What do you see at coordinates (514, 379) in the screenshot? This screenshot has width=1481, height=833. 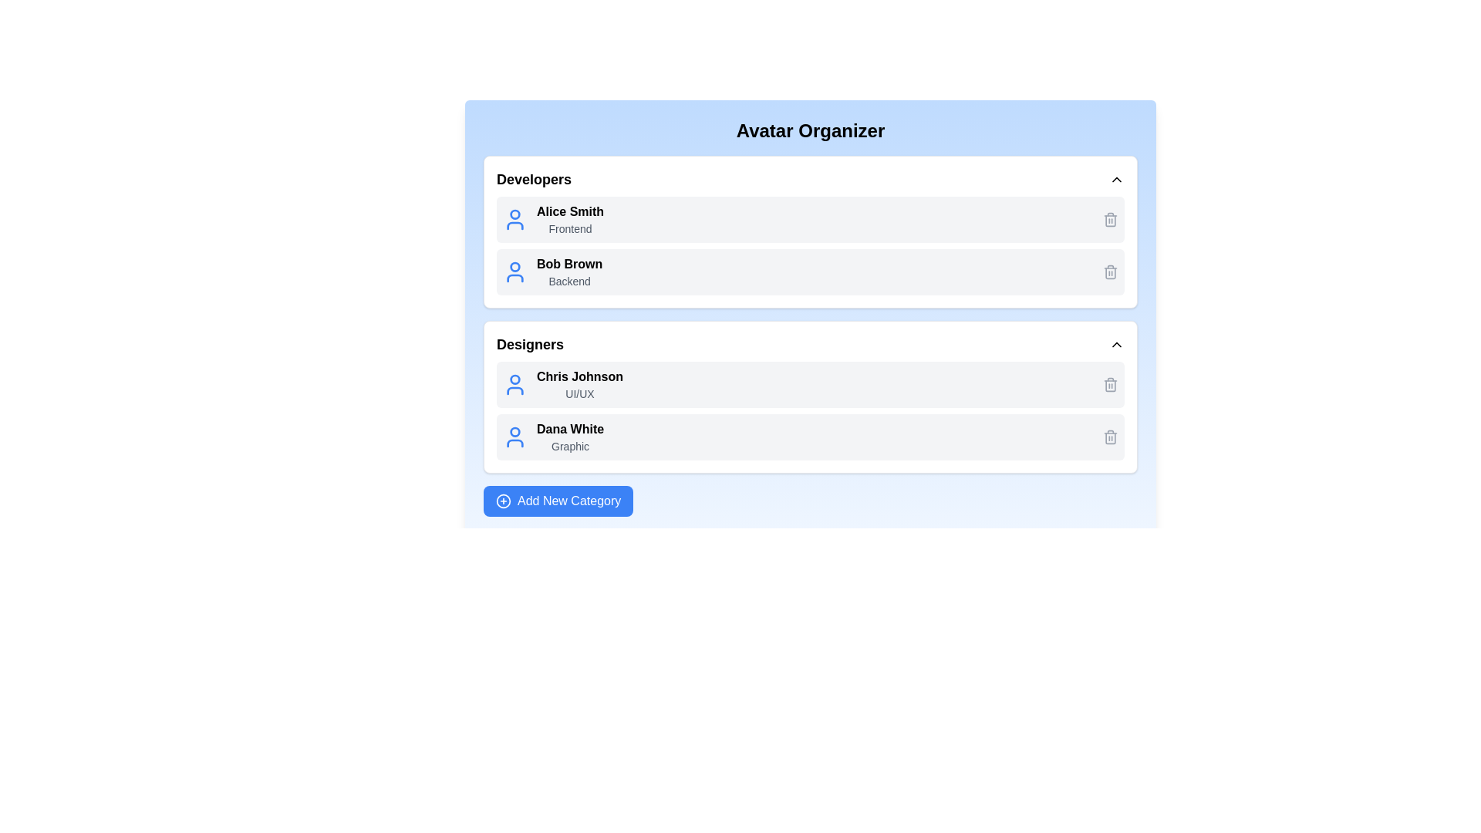 I see `the circular SVG element representing the head of the avatar icon in the 'Chris Johnson UI/UX' profile in the 'Designers' section` at bounding box center [514, 379].